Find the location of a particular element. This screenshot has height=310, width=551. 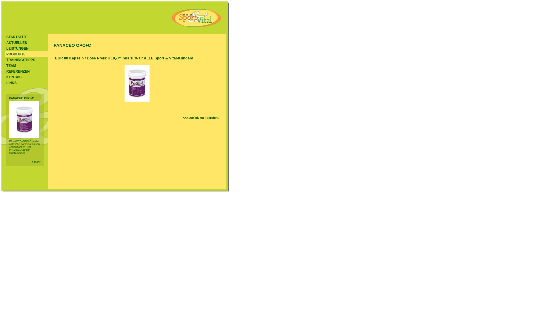

'AKTUELLES' is located at coordinates (5, 42).